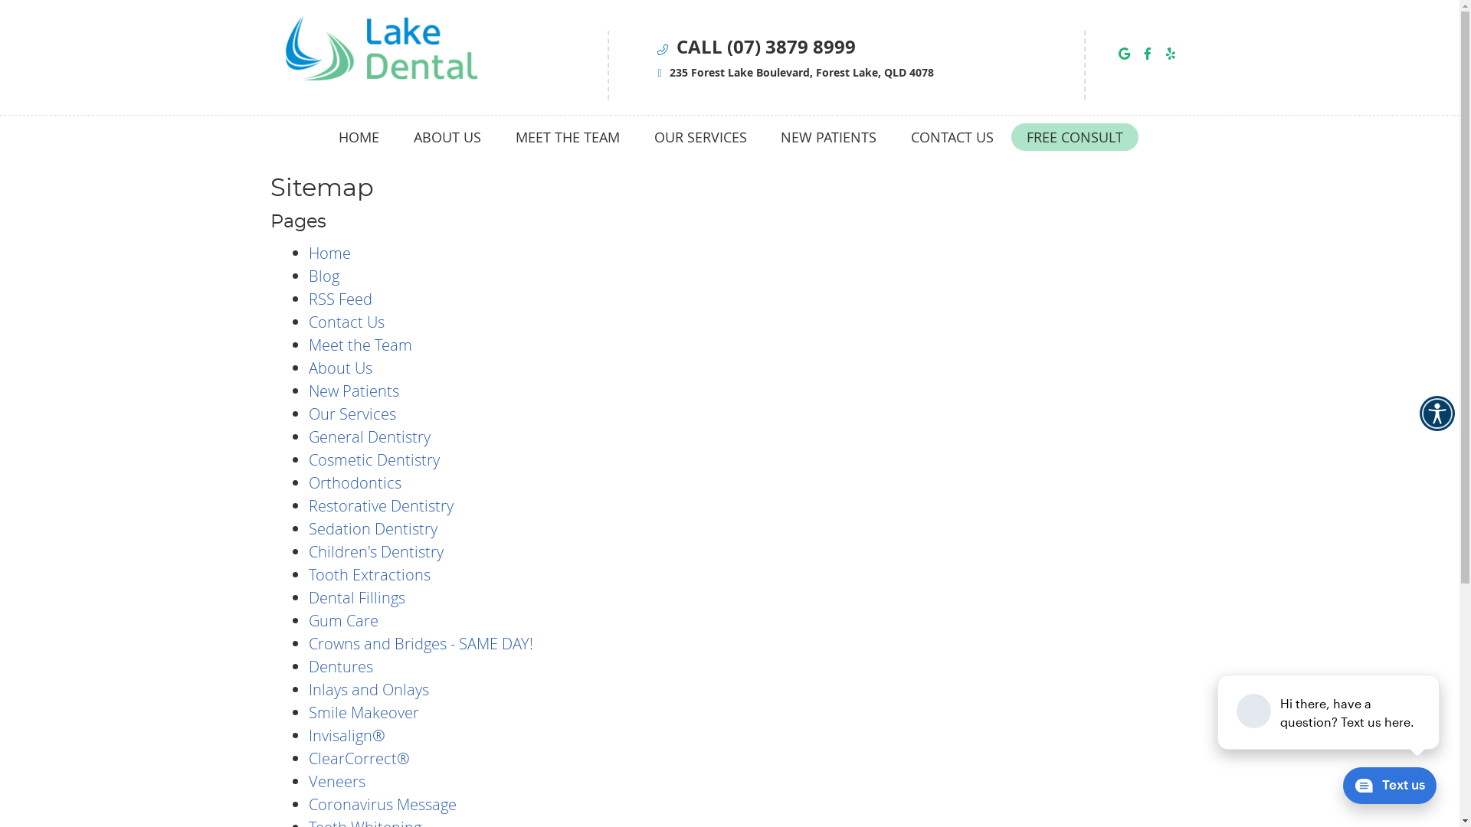  I want to click on 'HOME', so click(359, 136).